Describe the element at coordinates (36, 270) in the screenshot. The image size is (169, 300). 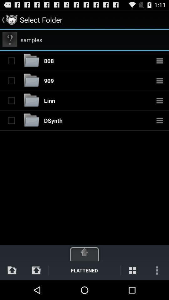
I see `icon to the left of the flattened icon` at that location.